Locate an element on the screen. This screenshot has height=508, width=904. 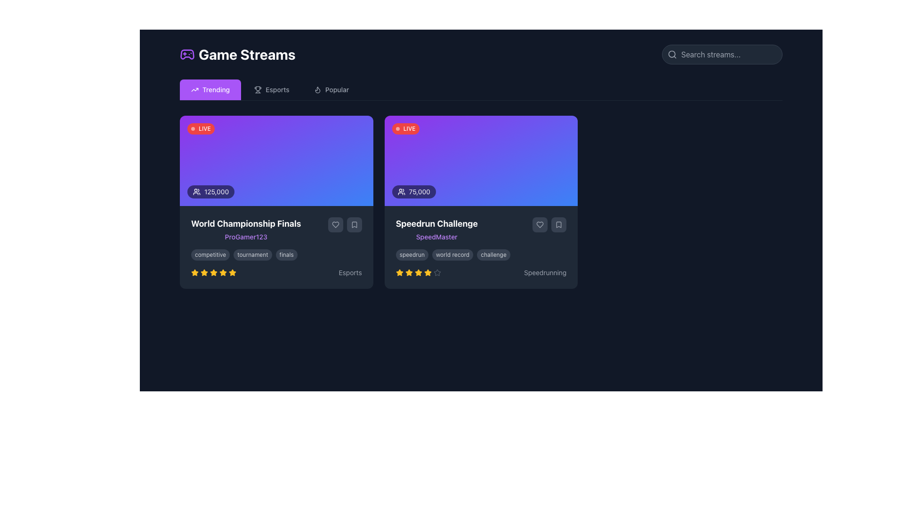
the first star icon in the 5-star rating system located at the bottom section of the 'World Championship Finals' card is located at coordinates (194, 272).